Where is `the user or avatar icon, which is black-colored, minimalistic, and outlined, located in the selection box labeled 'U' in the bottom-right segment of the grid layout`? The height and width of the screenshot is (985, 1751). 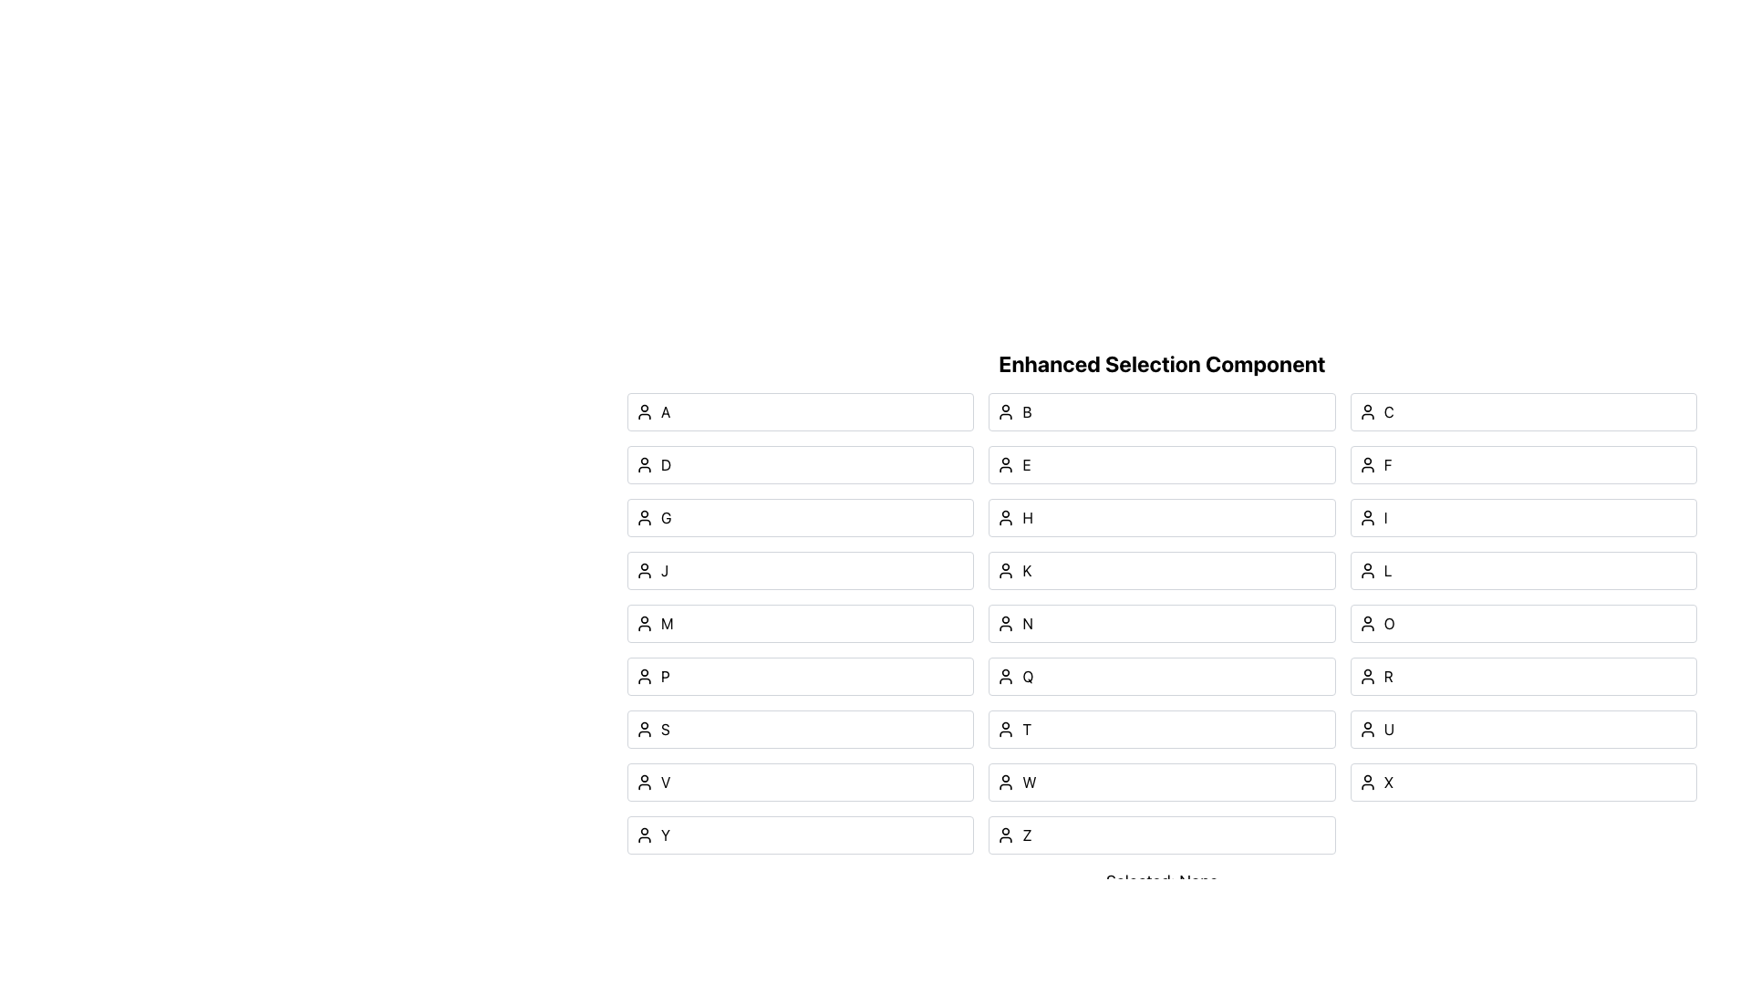 the user or avatar icon, which is black-colored, minimalistic, and outlined, located in the selection box labeled 'U' in the bottom-right segment of the grid layout is located at coordinates (1367, 728).